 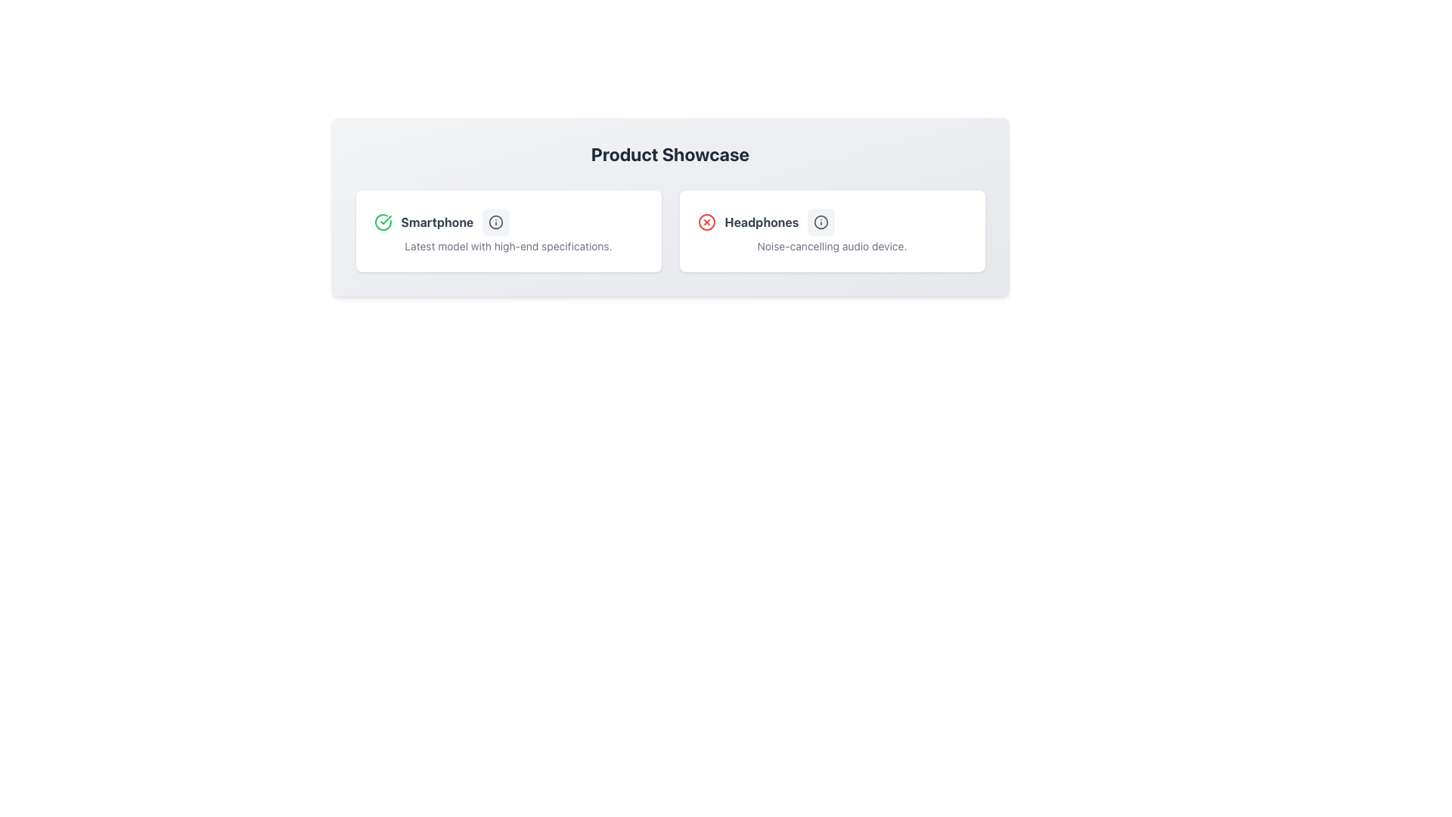 What do you see at coordinates (831, 222) in the screenshot?
I see `the icons in the 'Headphones' title element, which includes a red 'X' and an information icon, for more interaction options` at bounding box center [831, 222].